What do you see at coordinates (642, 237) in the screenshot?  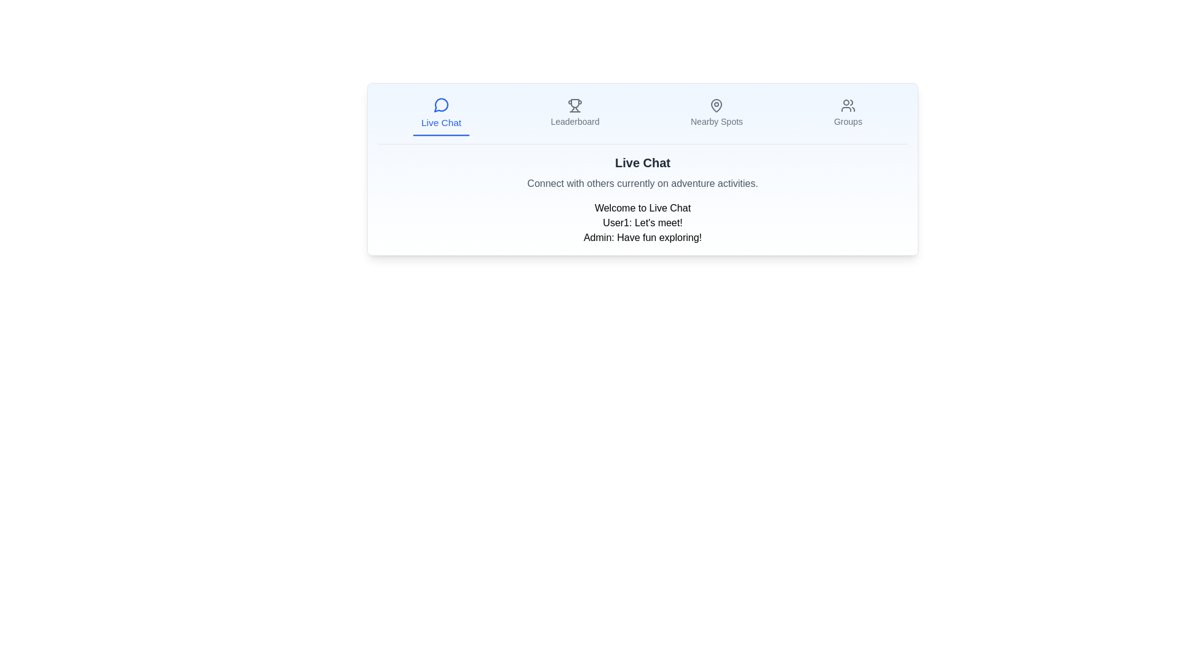 I see `chat message displayed as 'Admin: Have fun exploring!' which is the second message in the 'Live Chat' section` at bounding box center [642, 237].